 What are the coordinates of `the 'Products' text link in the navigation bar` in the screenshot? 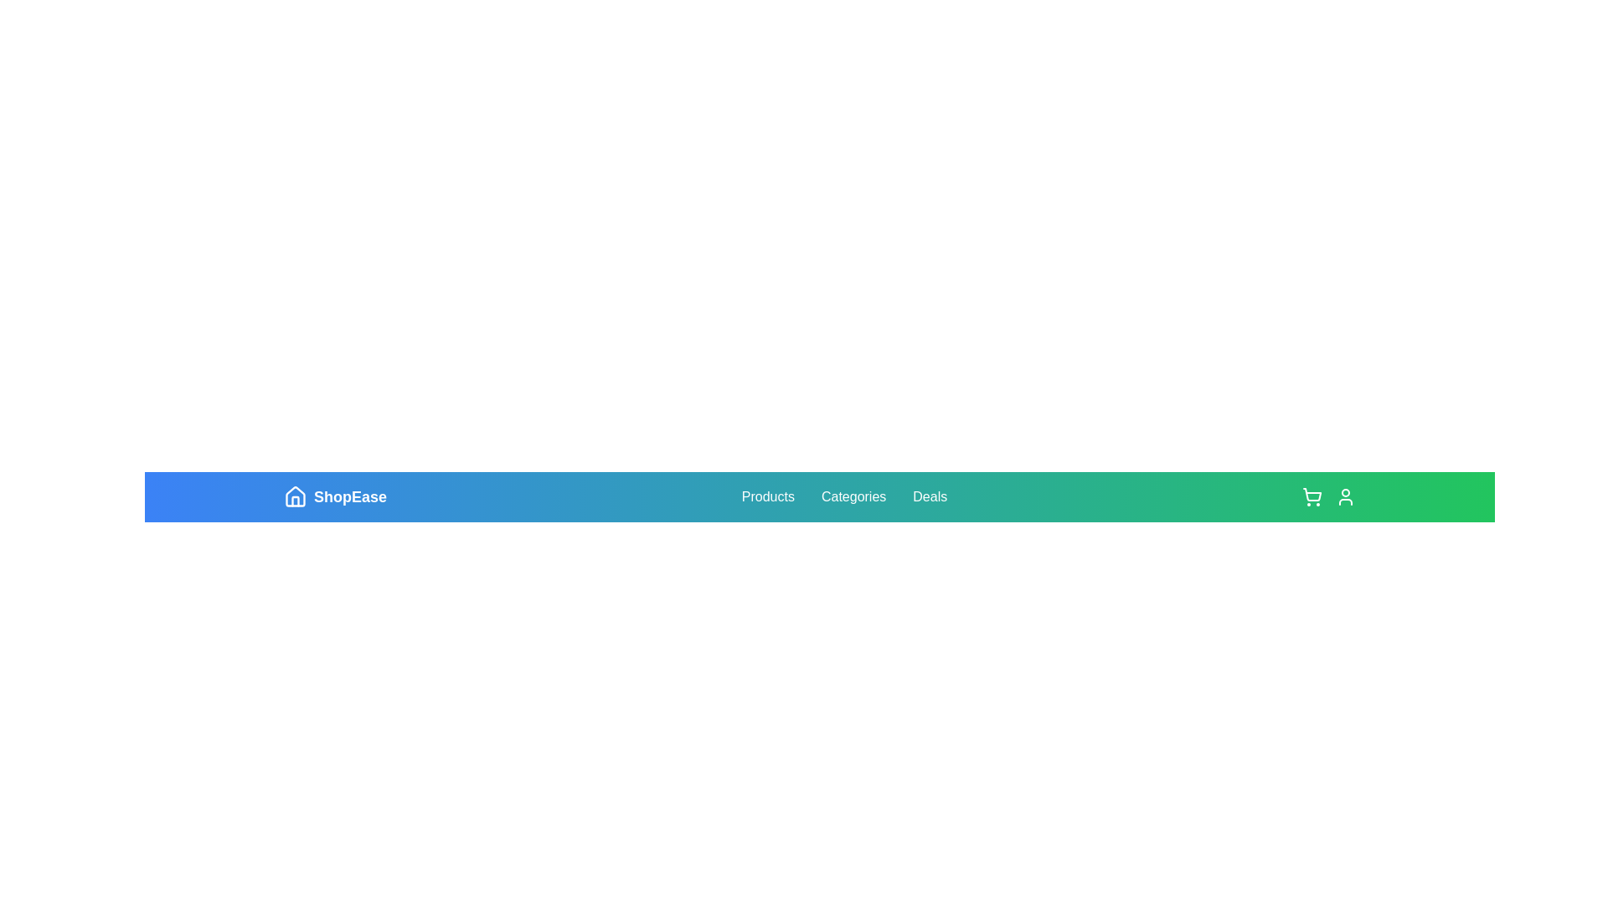 It's located at (767, 496).